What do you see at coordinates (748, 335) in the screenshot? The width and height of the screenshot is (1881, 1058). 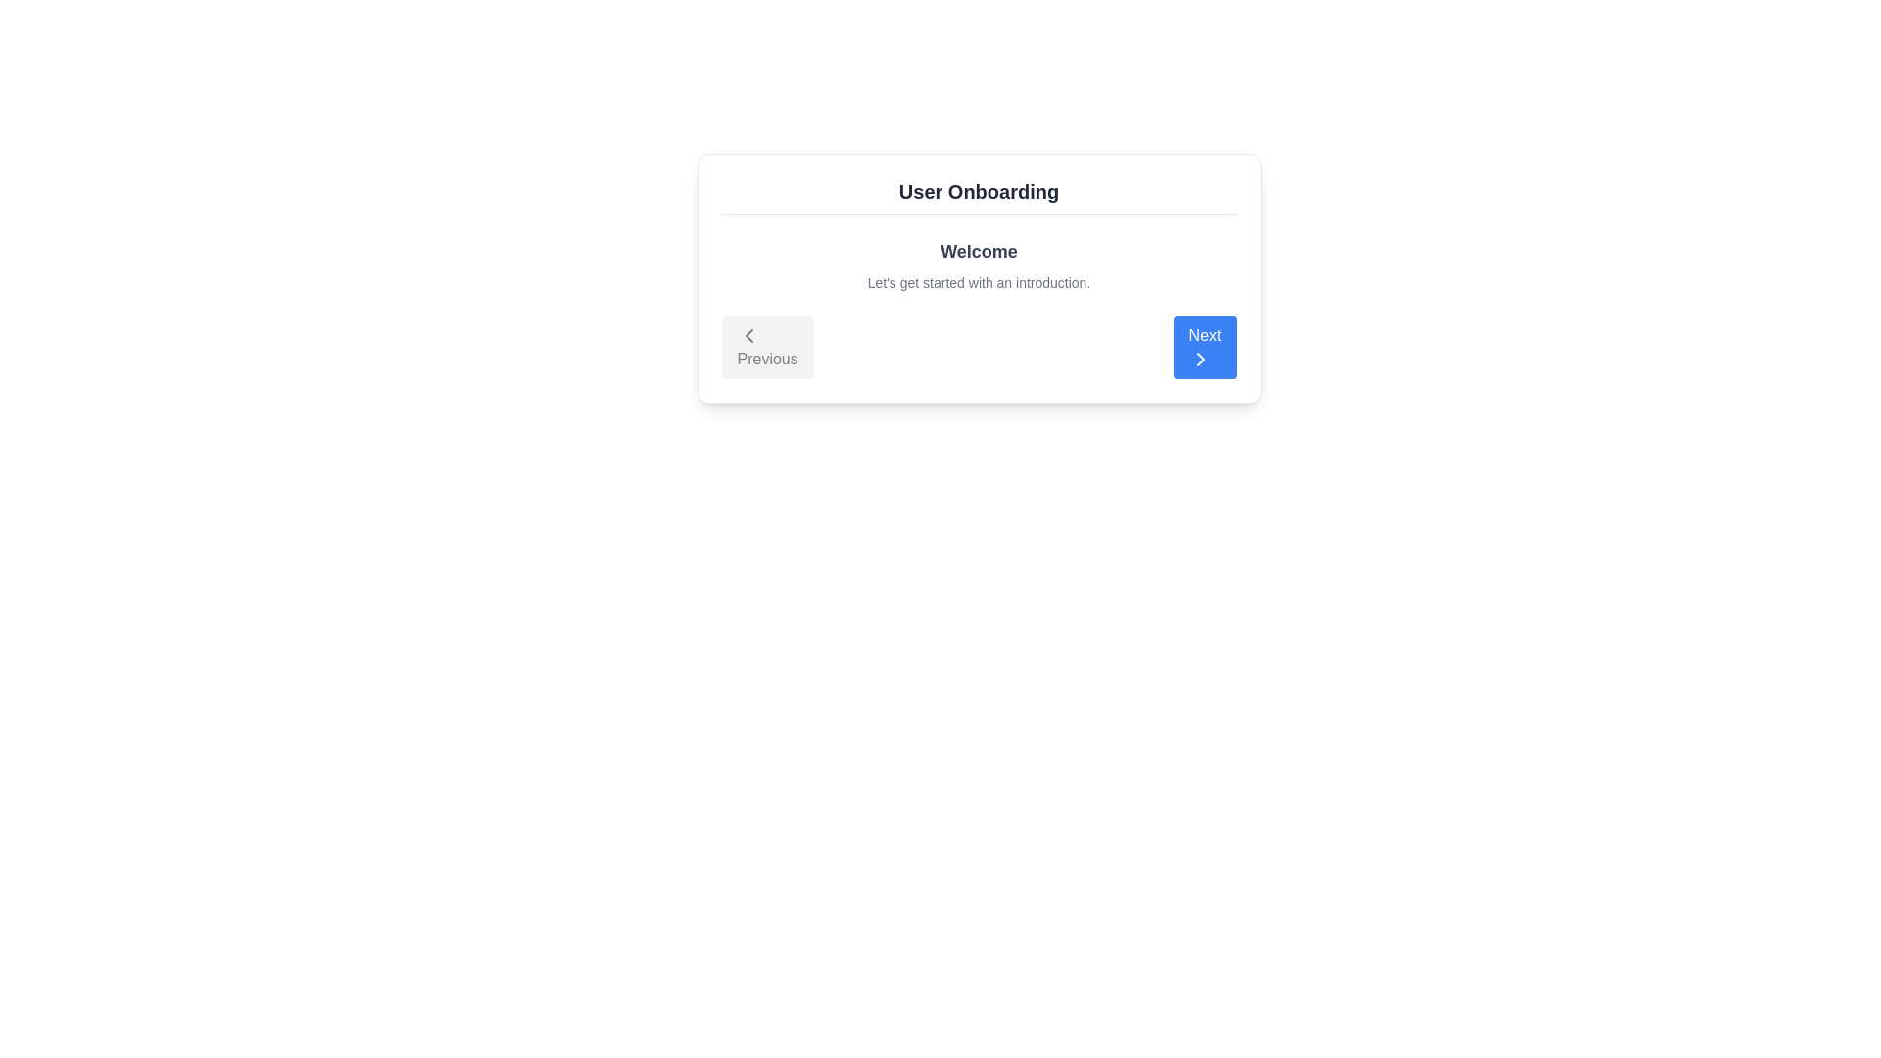 I see `the 'Previous' navigation icon located in the left-central part of the 'Previous' button within the user onboarding card interface` at bounding box center [748, 335].